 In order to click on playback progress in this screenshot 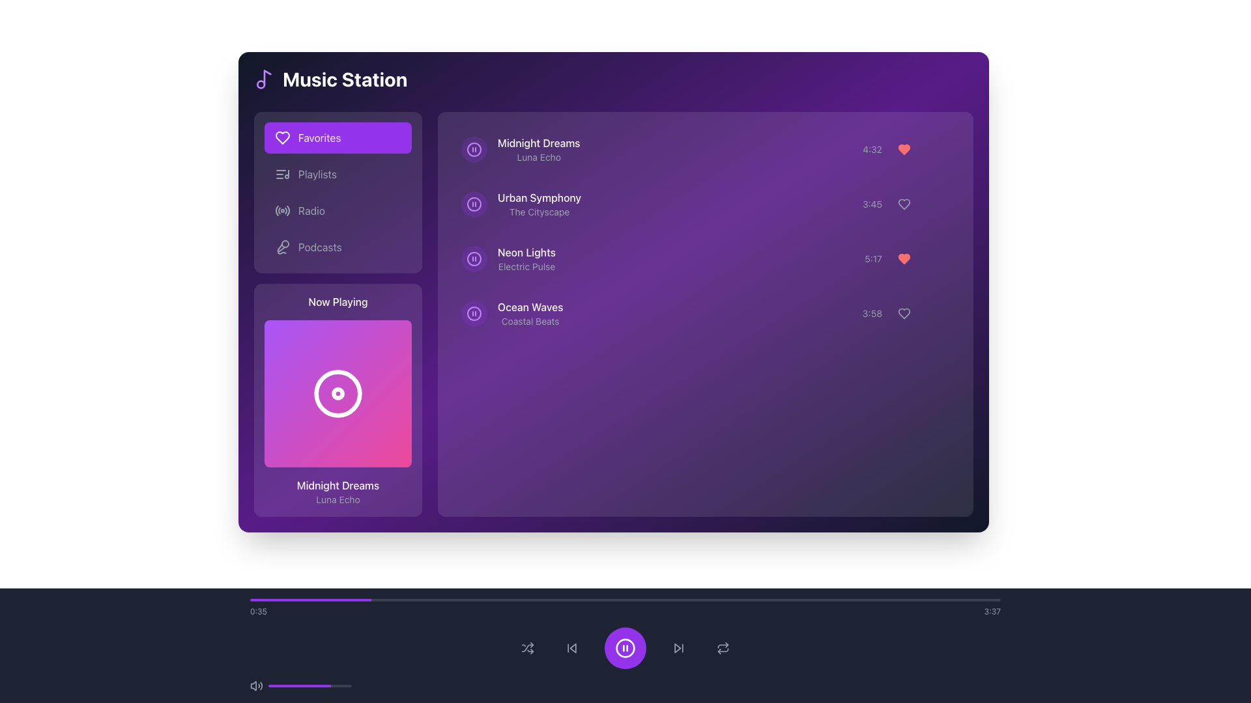, I will do `click(820, 600)`.